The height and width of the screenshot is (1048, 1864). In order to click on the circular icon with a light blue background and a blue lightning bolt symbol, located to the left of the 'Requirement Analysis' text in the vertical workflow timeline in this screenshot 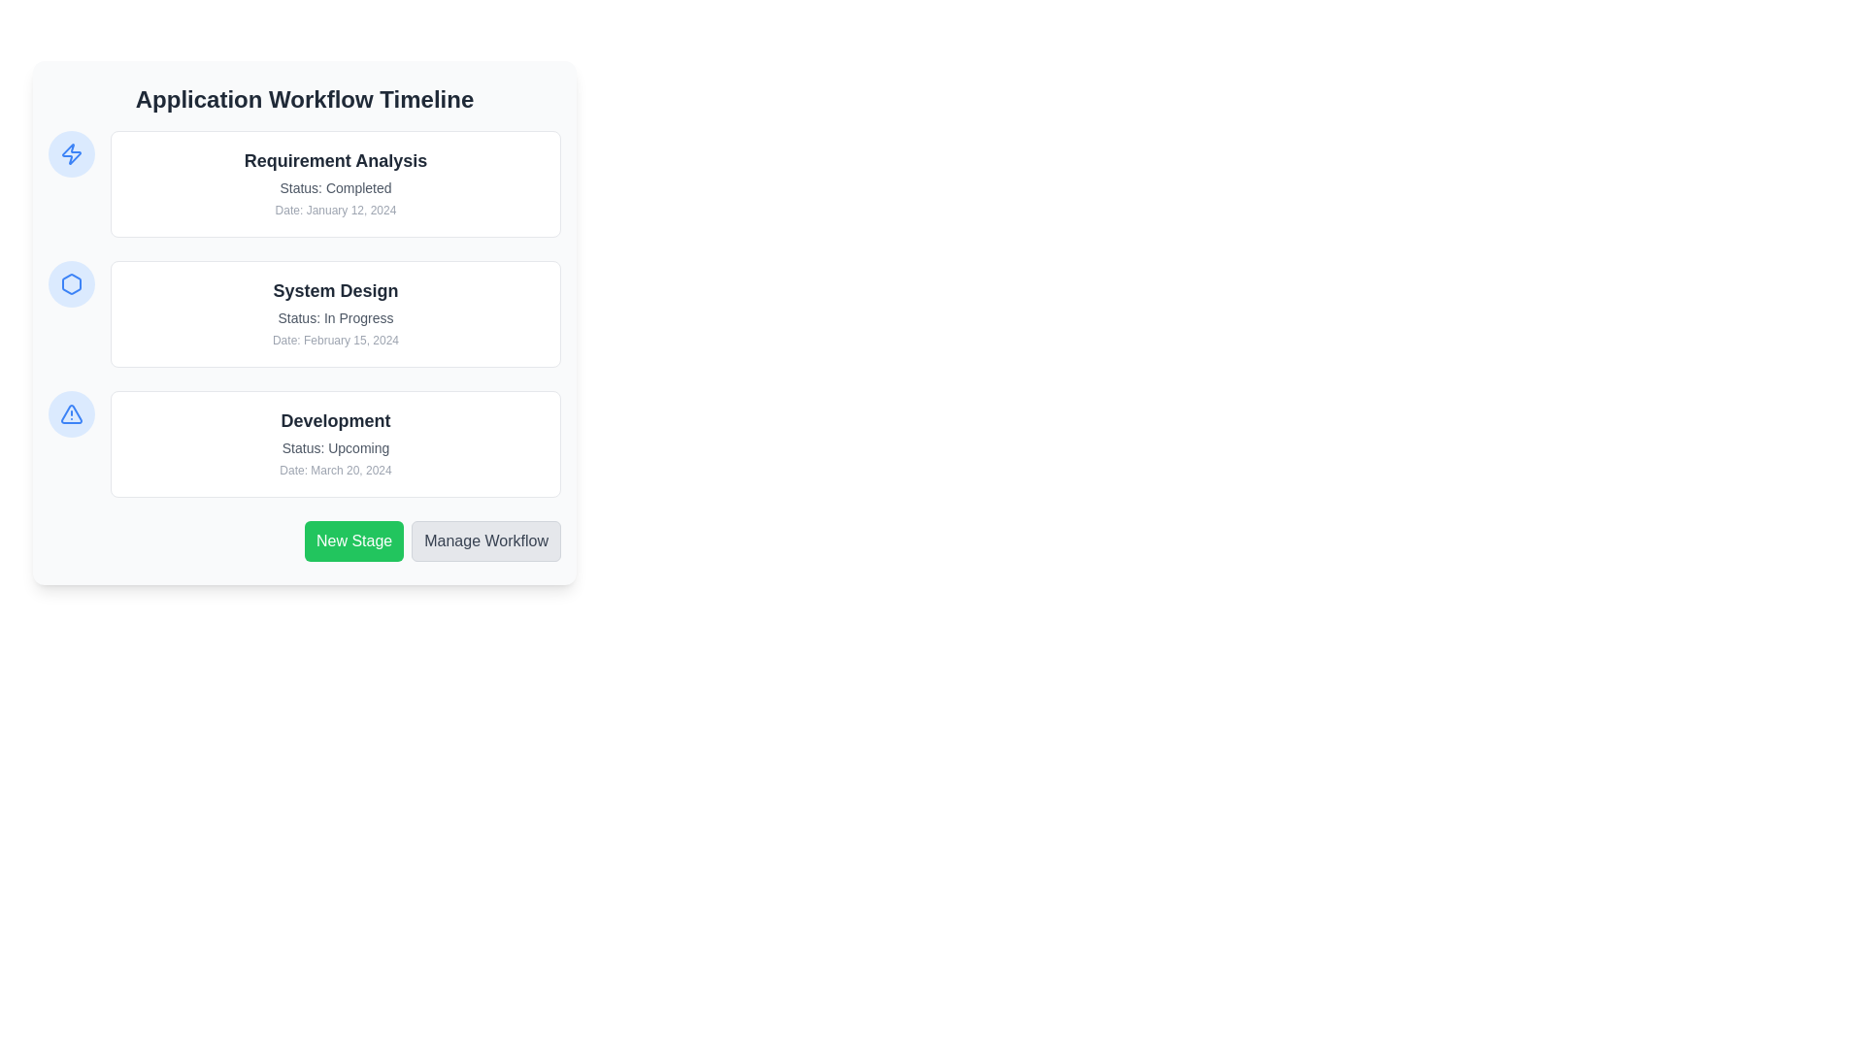, I will do `click(71, 152)`.